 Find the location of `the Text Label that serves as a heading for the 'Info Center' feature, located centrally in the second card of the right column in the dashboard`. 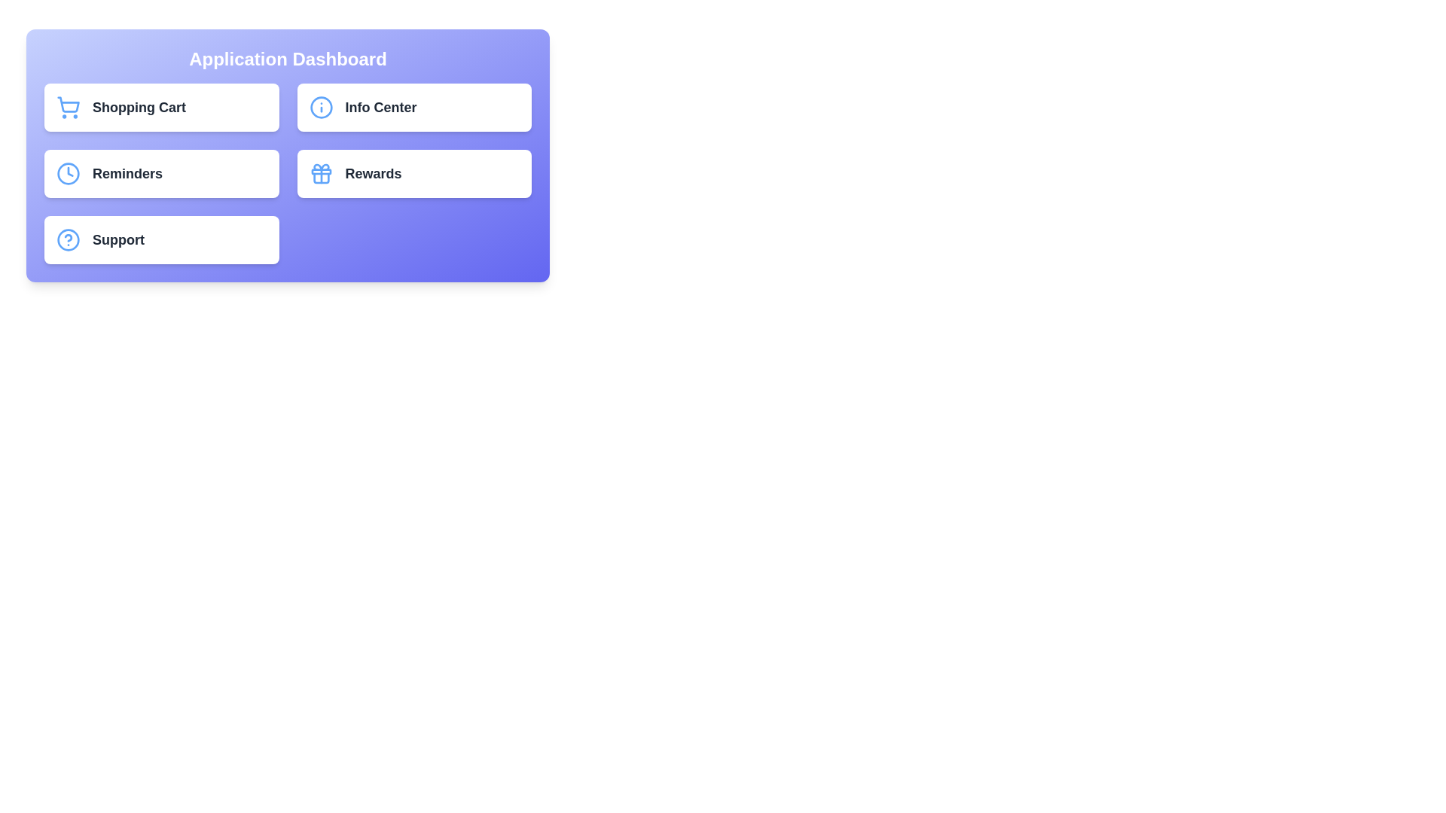

the Text Label that serves as a heading for the 'Info Center' feature, located centrally in the second card of the right column in the dashboard is located at coordinates (380, 106).